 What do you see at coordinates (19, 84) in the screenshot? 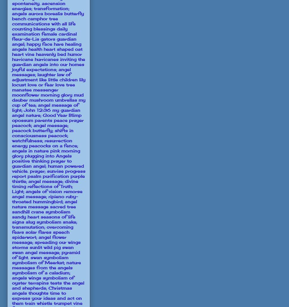
I see `'locust'` at bounding box center [19, 84].